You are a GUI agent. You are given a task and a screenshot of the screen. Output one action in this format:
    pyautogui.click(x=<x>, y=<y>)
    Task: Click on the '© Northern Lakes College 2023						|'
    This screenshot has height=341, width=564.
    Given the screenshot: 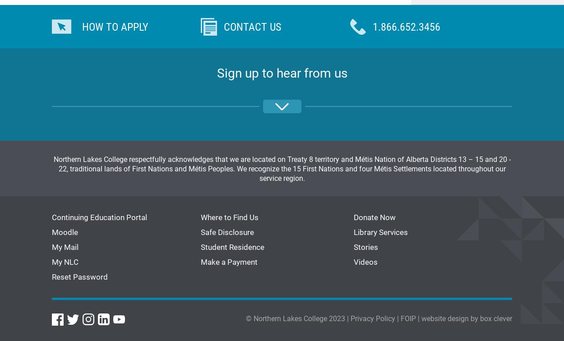 What is the action you would take?
    pyautogui.click(x=298, y=318)
    